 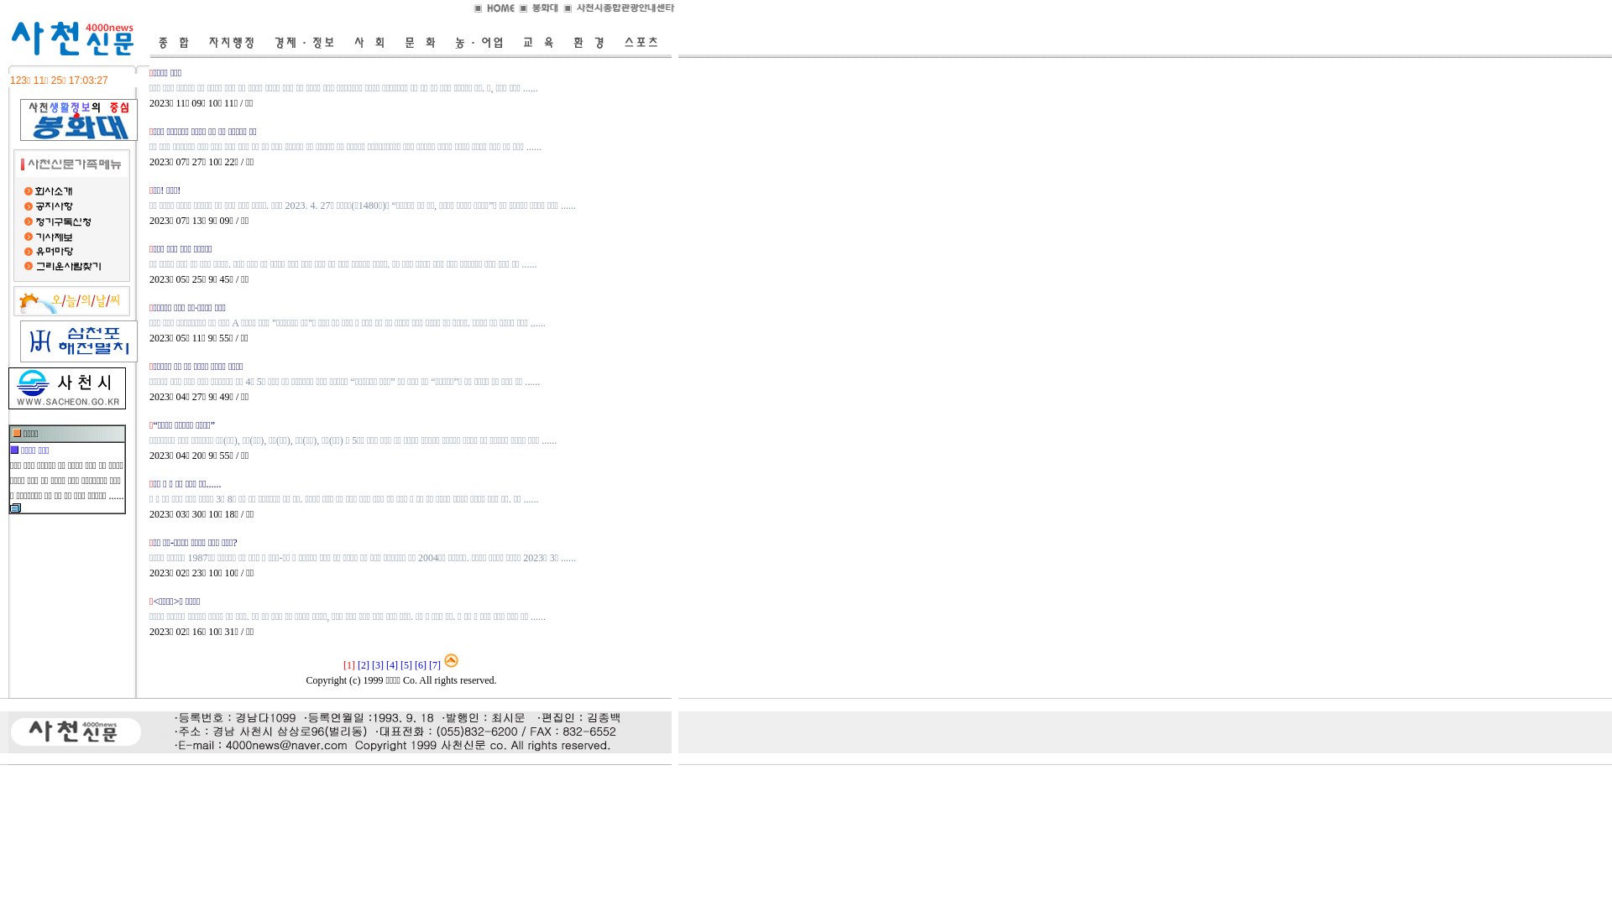 I want to click on '[4]', so click(x=390, y=664).